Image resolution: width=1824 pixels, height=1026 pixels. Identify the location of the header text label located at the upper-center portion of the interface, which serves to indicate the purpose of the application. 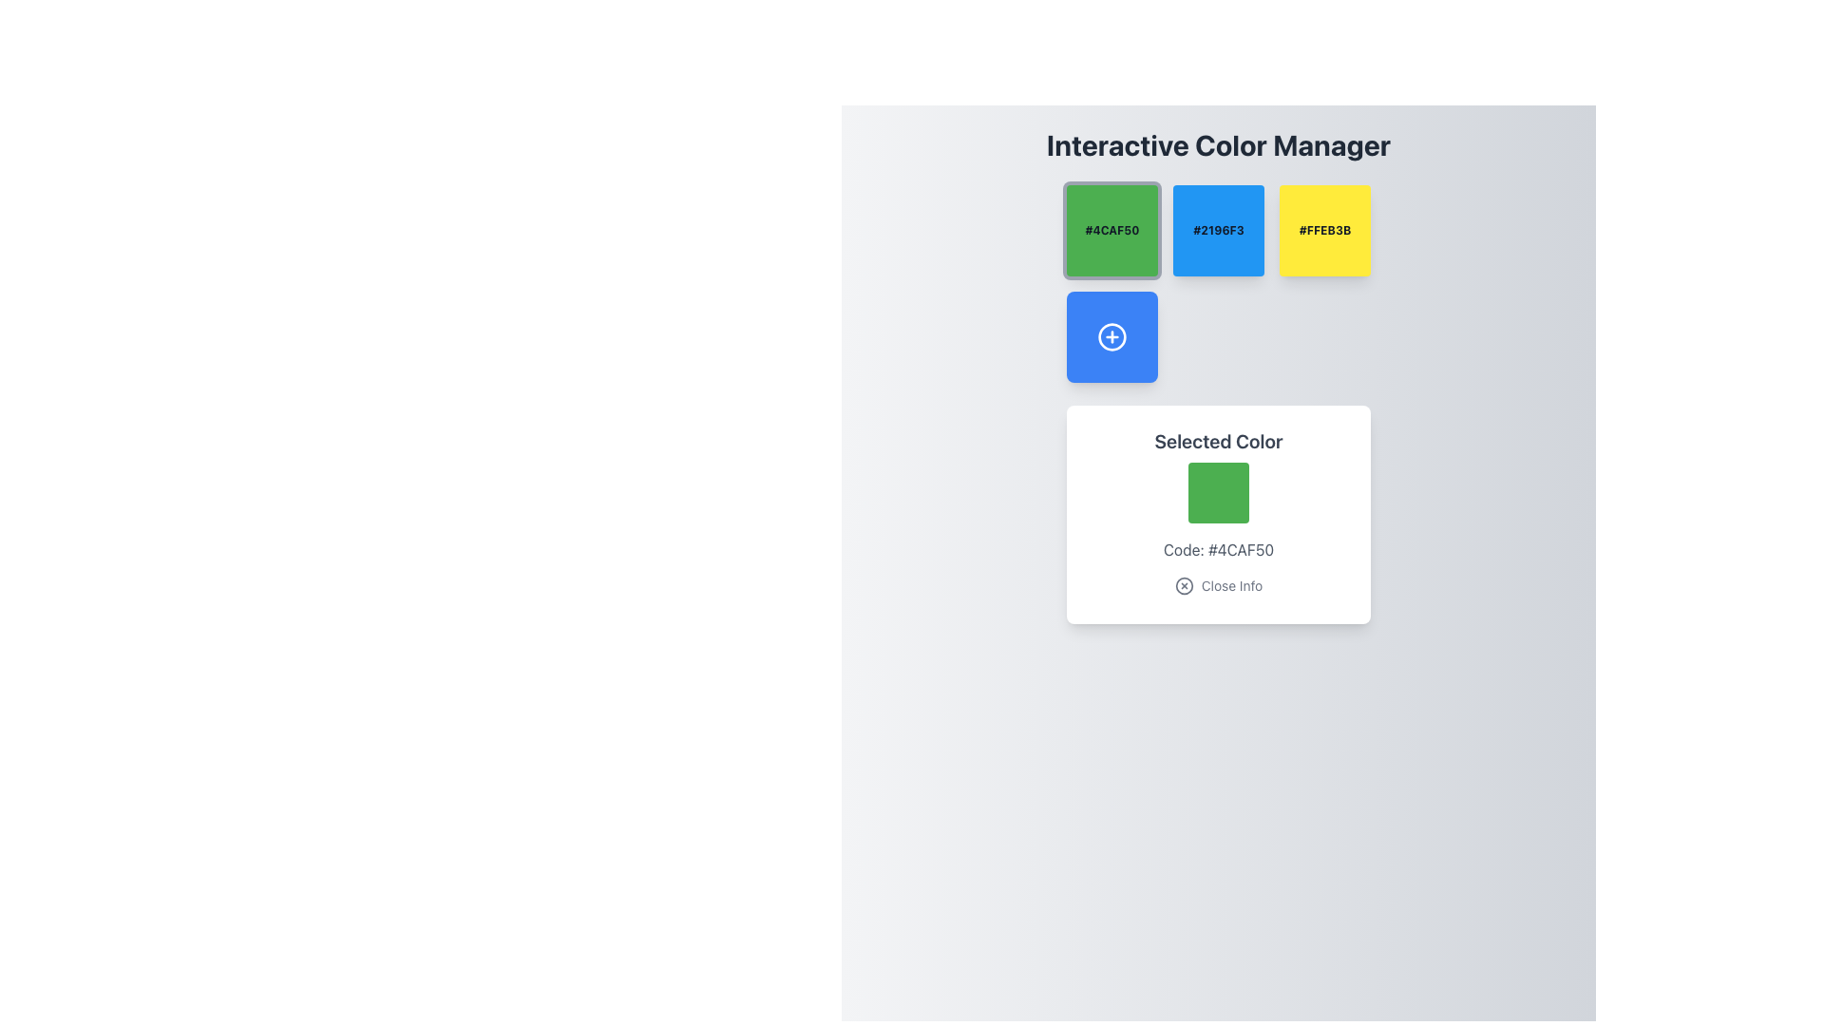
(1218, 144).